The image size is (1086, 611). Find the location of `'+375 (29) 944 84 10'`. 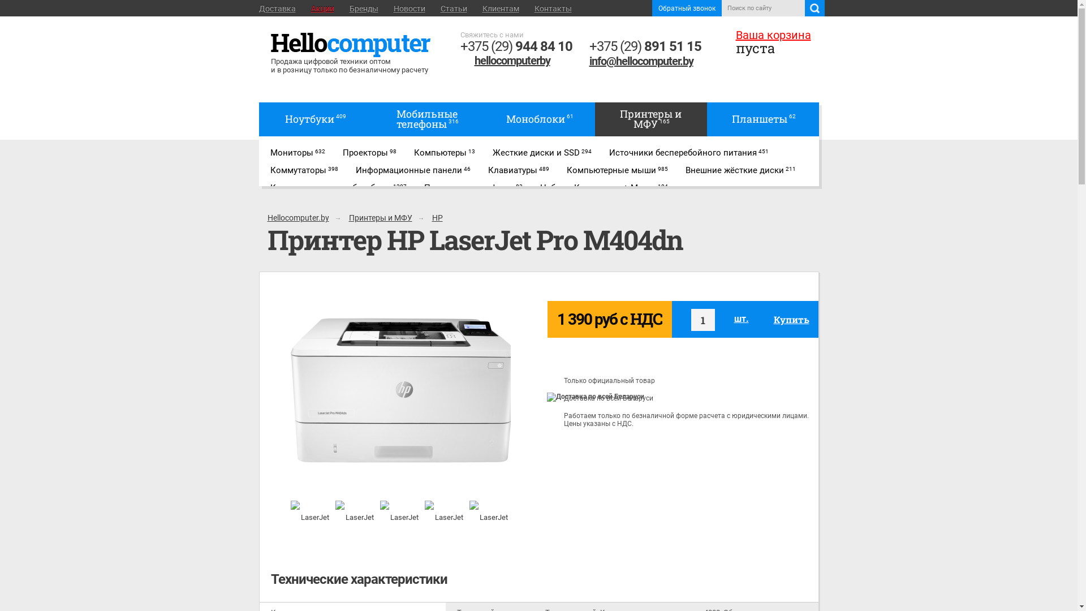

'+375 (29) 944 84 10' is located at coordinates (515, 45).